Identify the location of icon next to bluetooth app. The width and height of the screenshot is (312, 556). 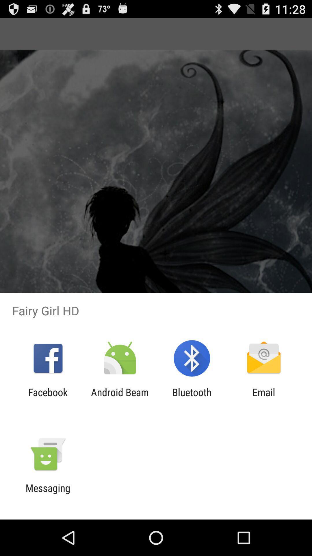
(264, 398).